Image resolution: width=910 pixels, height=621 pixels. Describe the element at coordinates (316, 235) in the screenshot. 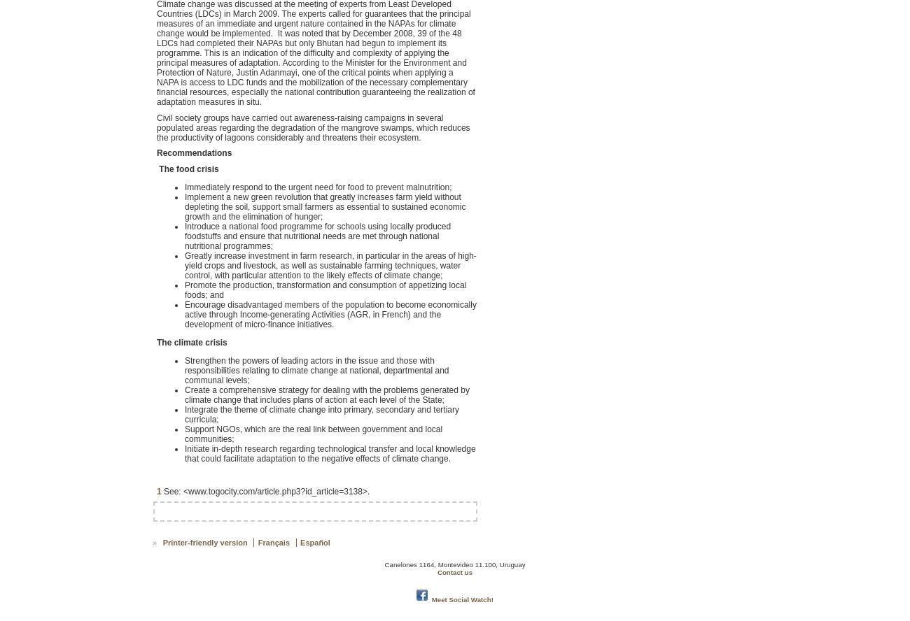

I see `'Introduce  a national food programme for schools using locally produced foodstuffs and  ensure that nutritional needs are met through national nutritional programmes;'` at that location.